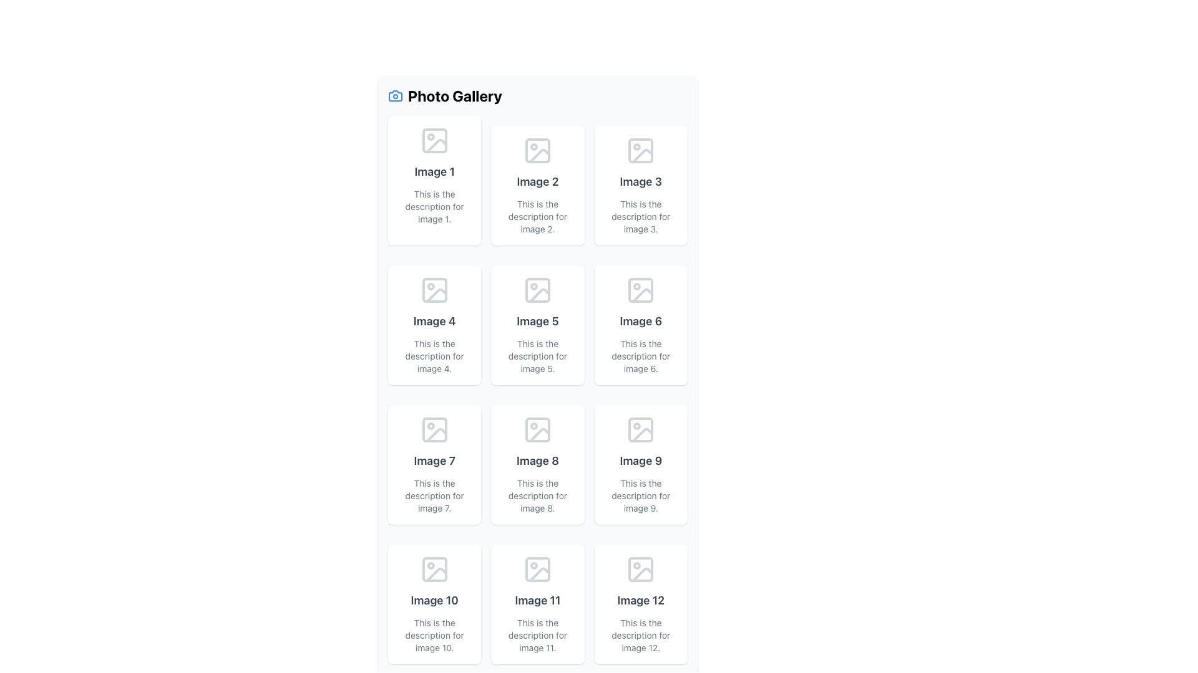  I want to click on the descriptive Content block displaying image metadata in the second position of the first row under 'Photo Gallery', so click(538, 185).